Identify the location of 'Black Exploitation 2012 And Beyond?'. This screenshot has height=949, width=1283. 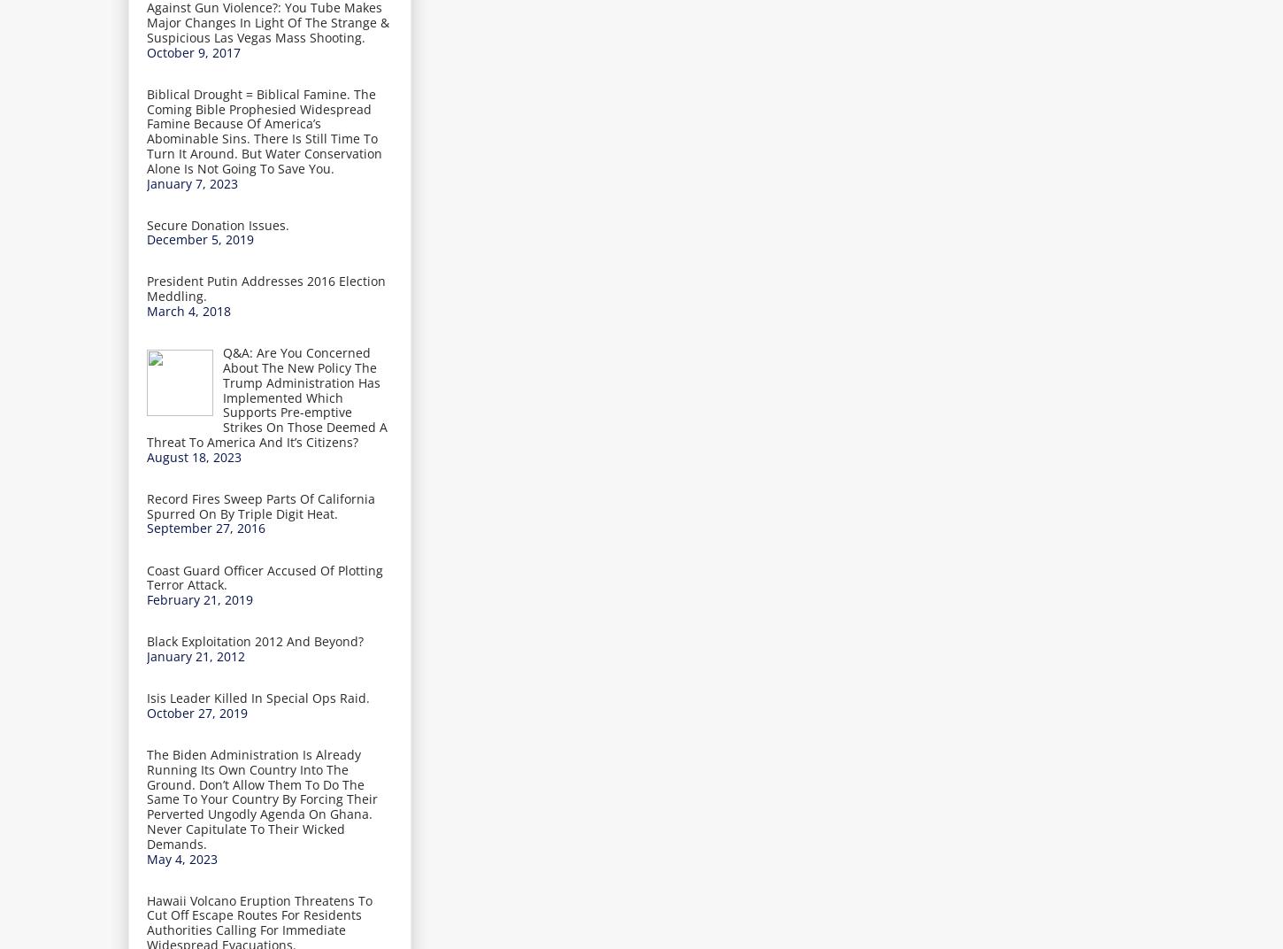
(255, 640).